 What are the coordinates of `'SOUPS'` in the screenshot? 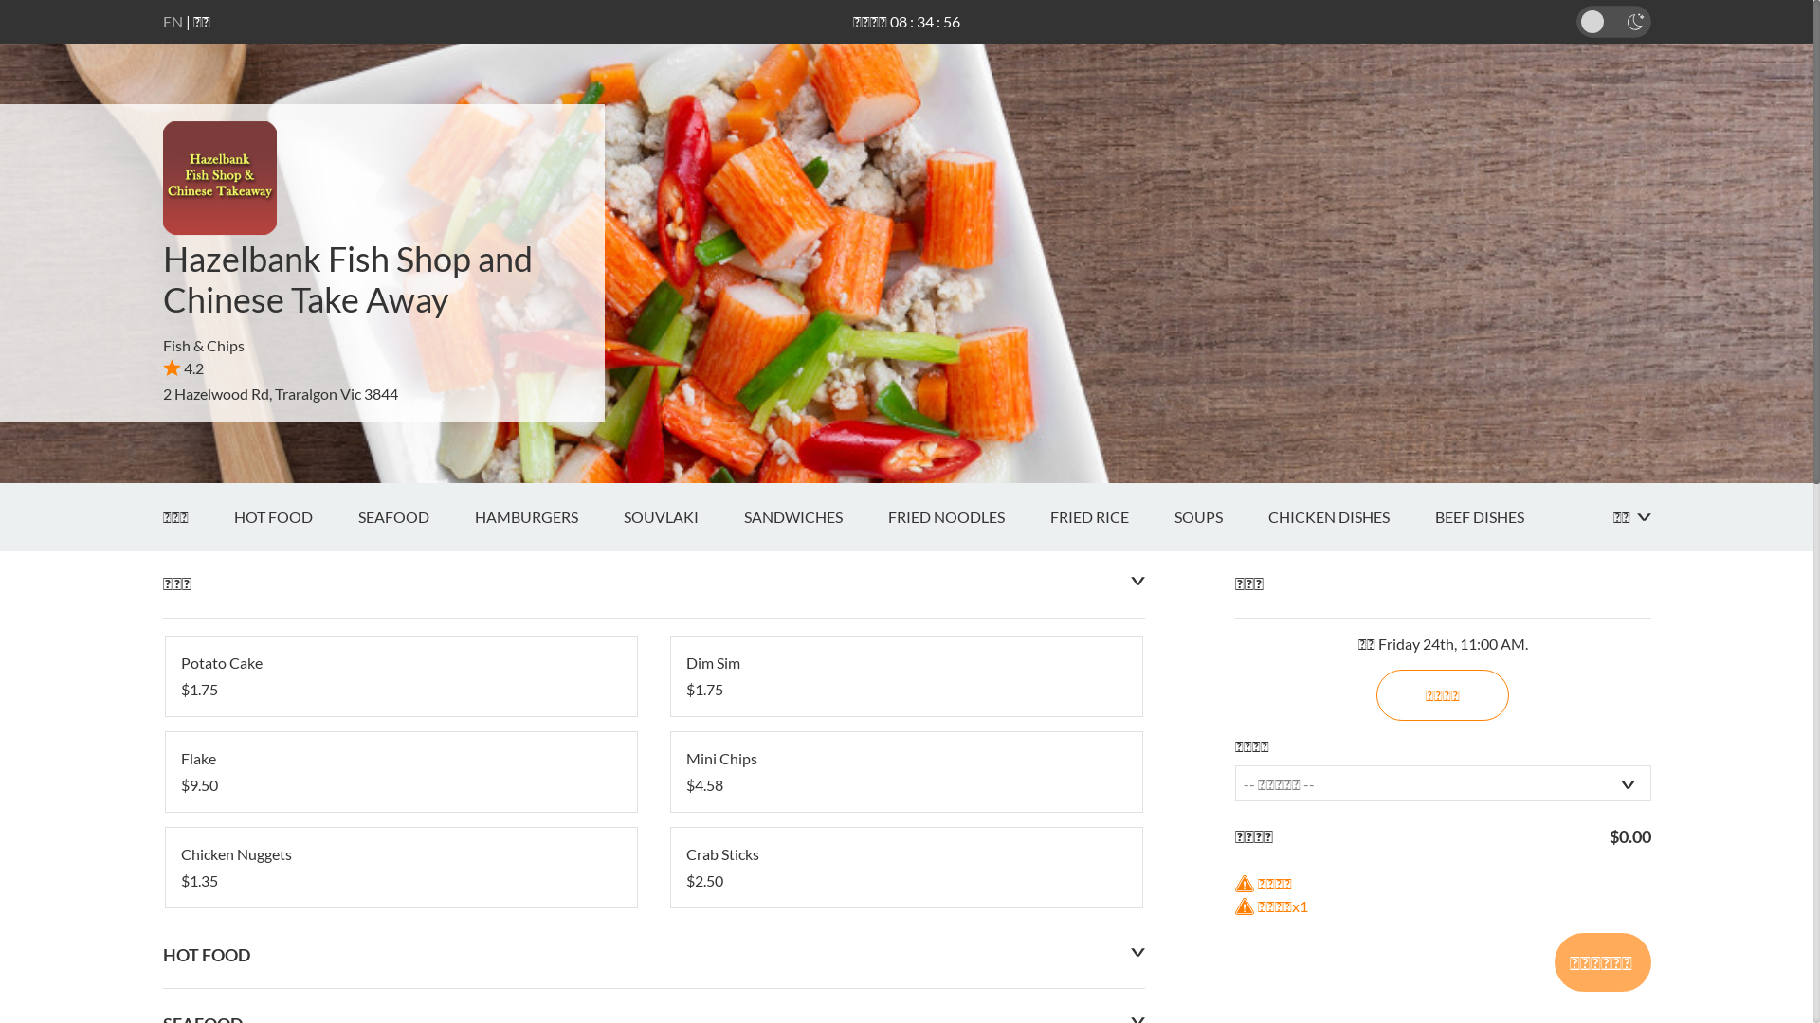 It's located at (1220, 517).